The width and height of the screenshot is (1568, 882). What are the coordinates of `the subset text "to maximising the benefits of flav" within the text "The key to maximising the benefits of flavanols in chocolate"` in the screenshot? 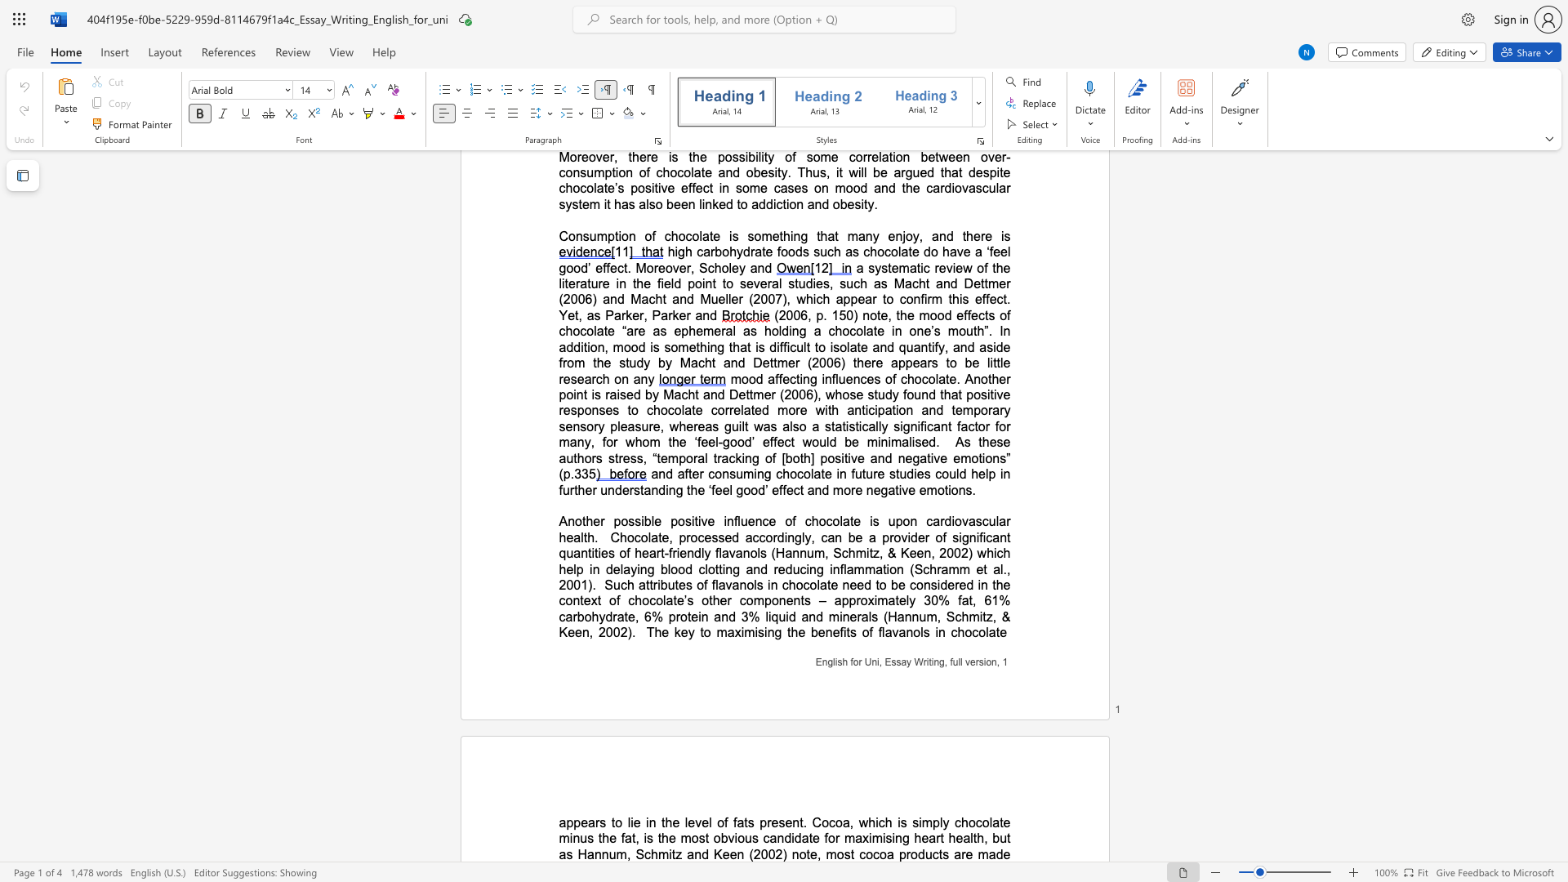 It's located at (700, 631).